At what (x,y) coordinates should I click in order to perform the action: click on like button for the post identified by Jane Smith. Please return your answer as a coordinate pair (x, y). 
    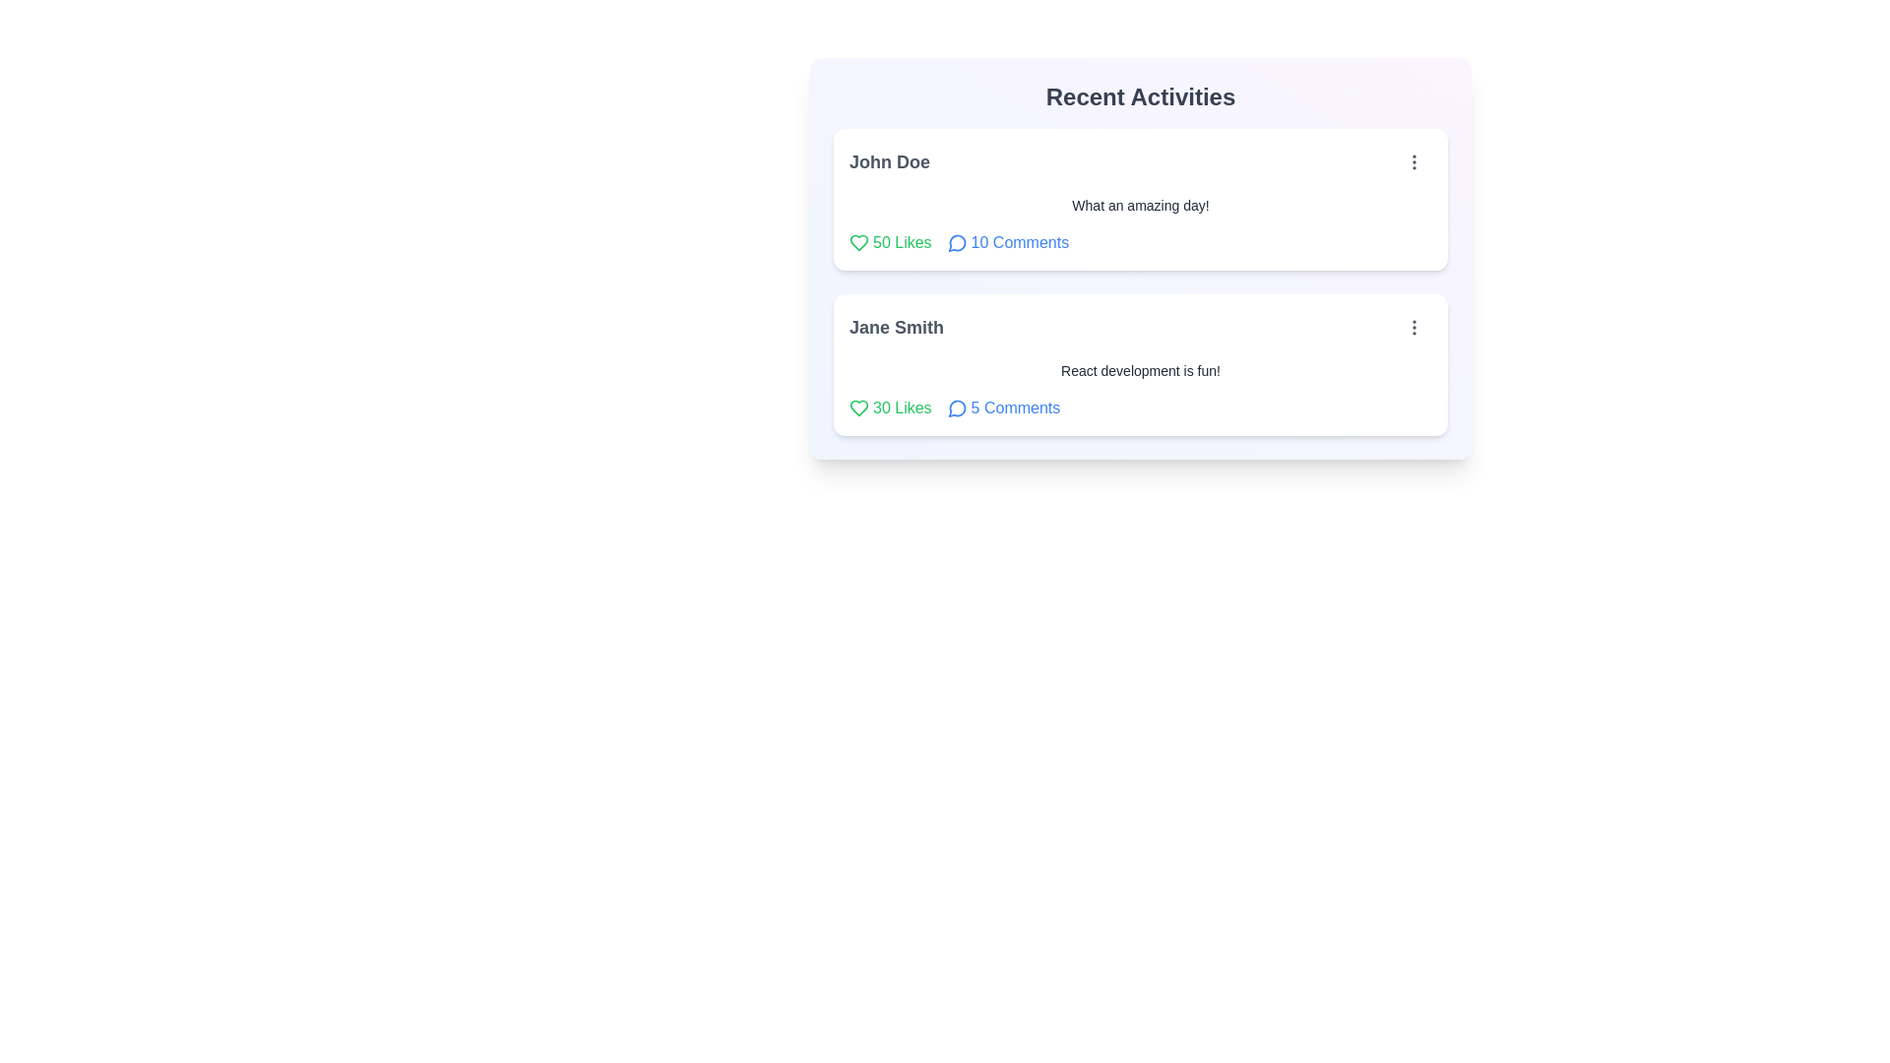
    Looking at the image, I should click on (859, 407).